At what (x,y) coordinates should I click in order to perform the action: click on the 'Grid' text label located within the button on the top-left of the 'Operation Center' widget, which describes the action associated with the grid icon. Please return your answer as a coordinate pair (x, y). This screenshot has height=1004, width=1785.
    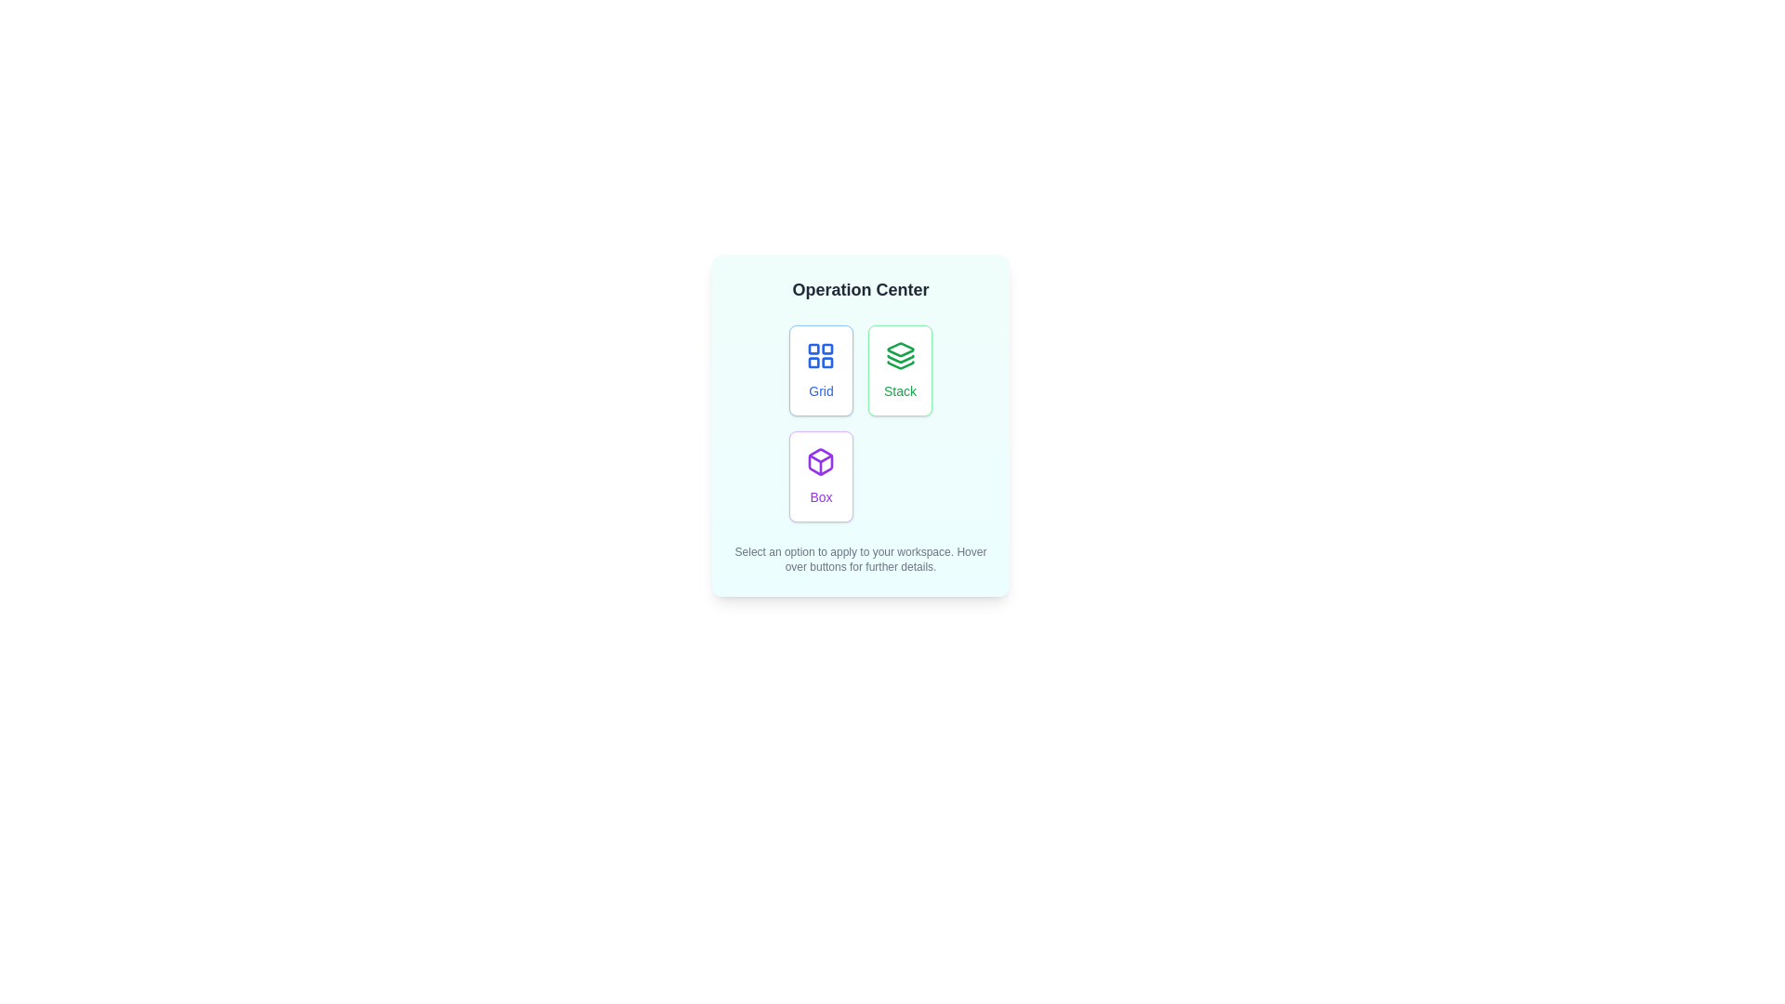
    Looking at the image, I should click on (820, 390).